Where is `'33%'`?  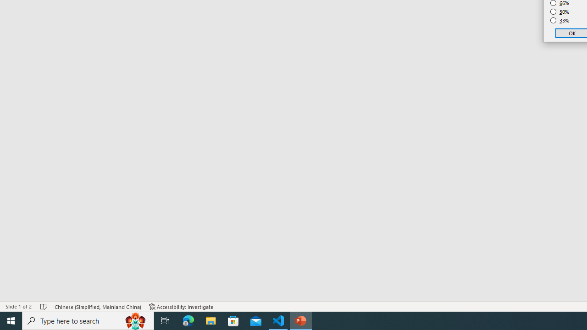 '33%' is located at coordinates (559, 21).